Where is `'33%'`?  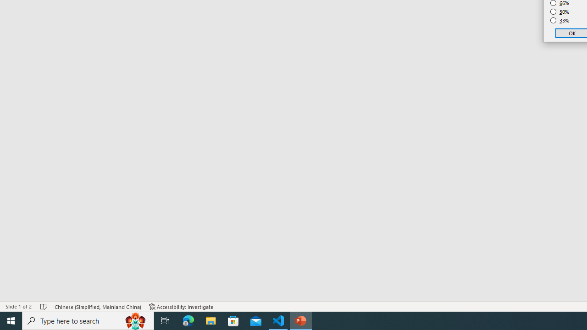 '33%' is located at coordinates (559, 21).